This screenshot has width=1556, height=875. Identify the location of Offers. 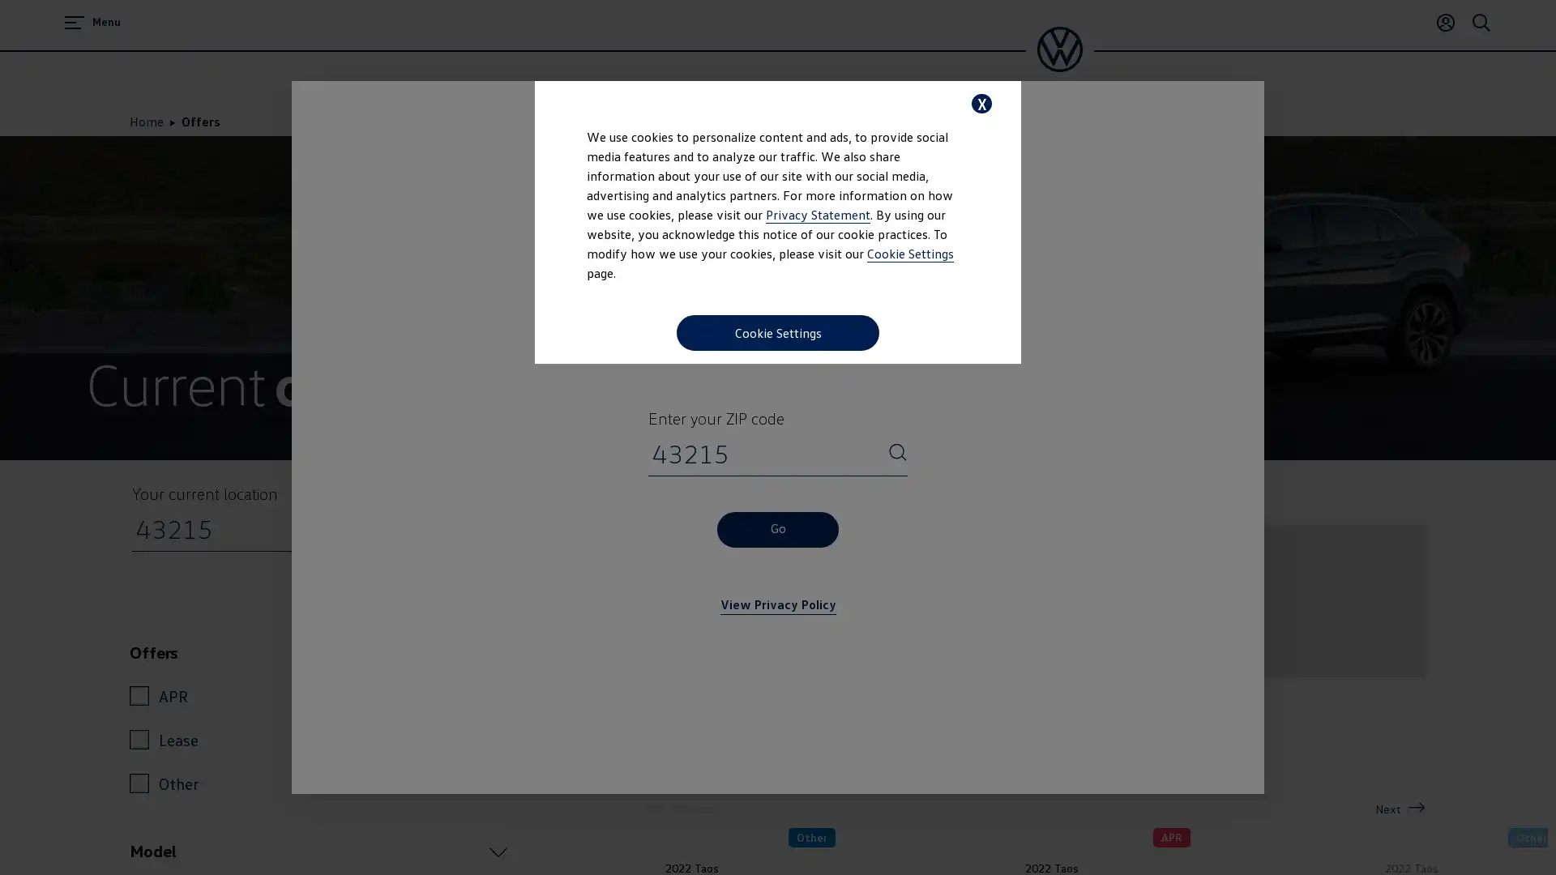
(318, 652).